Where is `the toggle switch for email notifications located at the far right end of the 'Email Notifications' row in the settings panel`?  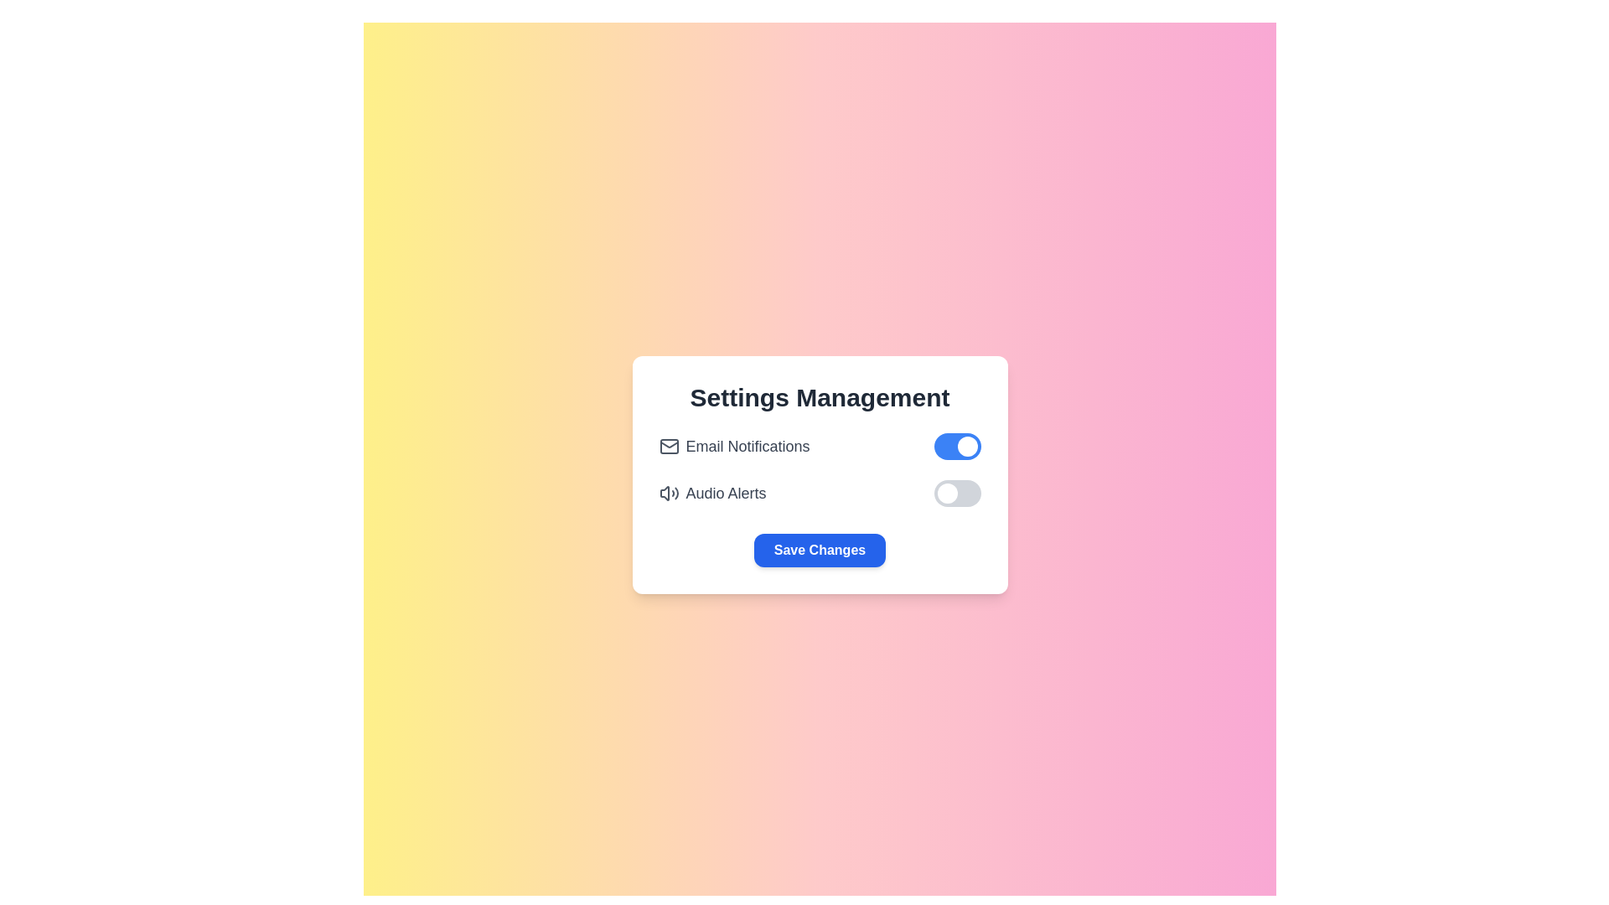
the toggle switch for email notifications located at the far right end of the 'Email Notifications' row in the settings panel is located at coordinates (957, 445).